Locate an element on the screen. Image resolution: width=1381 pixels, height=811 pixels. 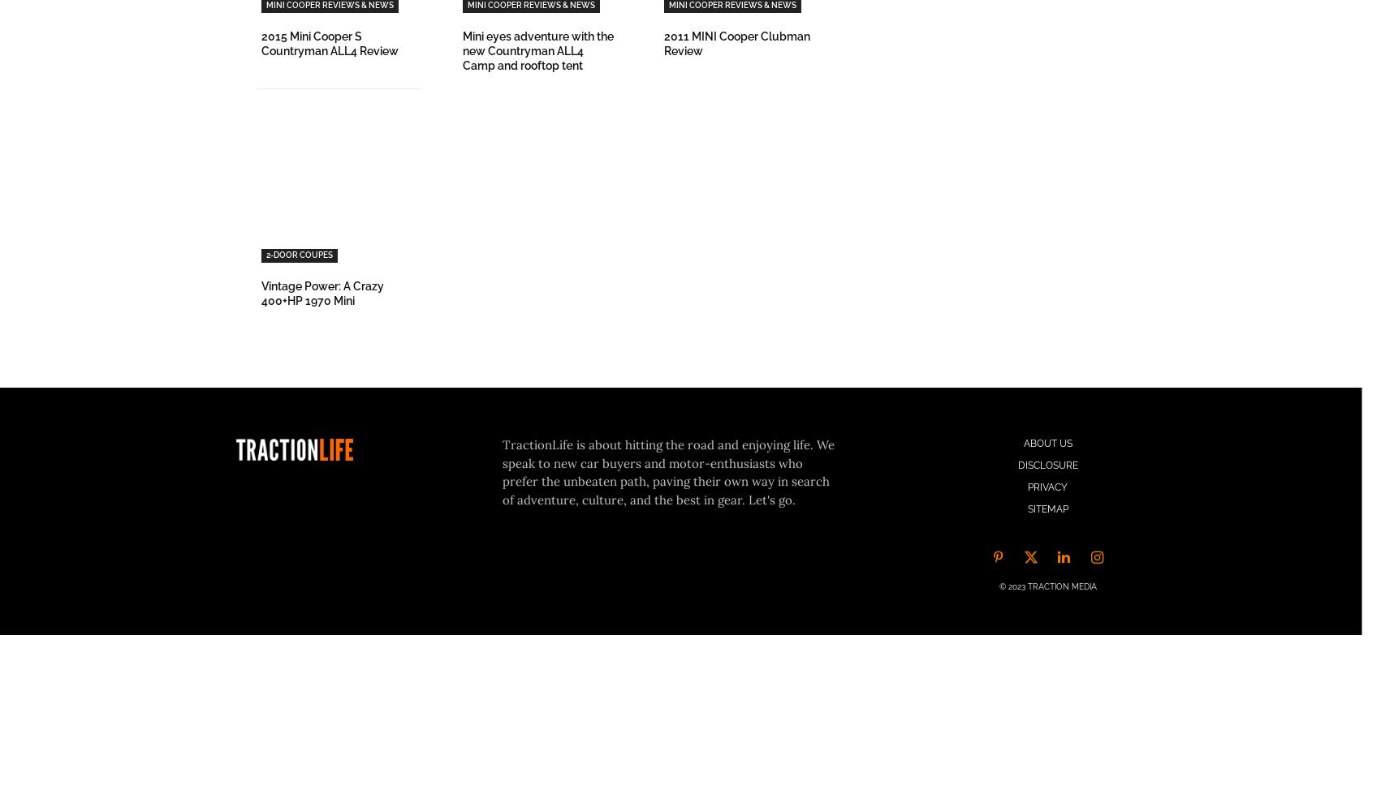
'About Us' is located at coordinates (1047, 444).